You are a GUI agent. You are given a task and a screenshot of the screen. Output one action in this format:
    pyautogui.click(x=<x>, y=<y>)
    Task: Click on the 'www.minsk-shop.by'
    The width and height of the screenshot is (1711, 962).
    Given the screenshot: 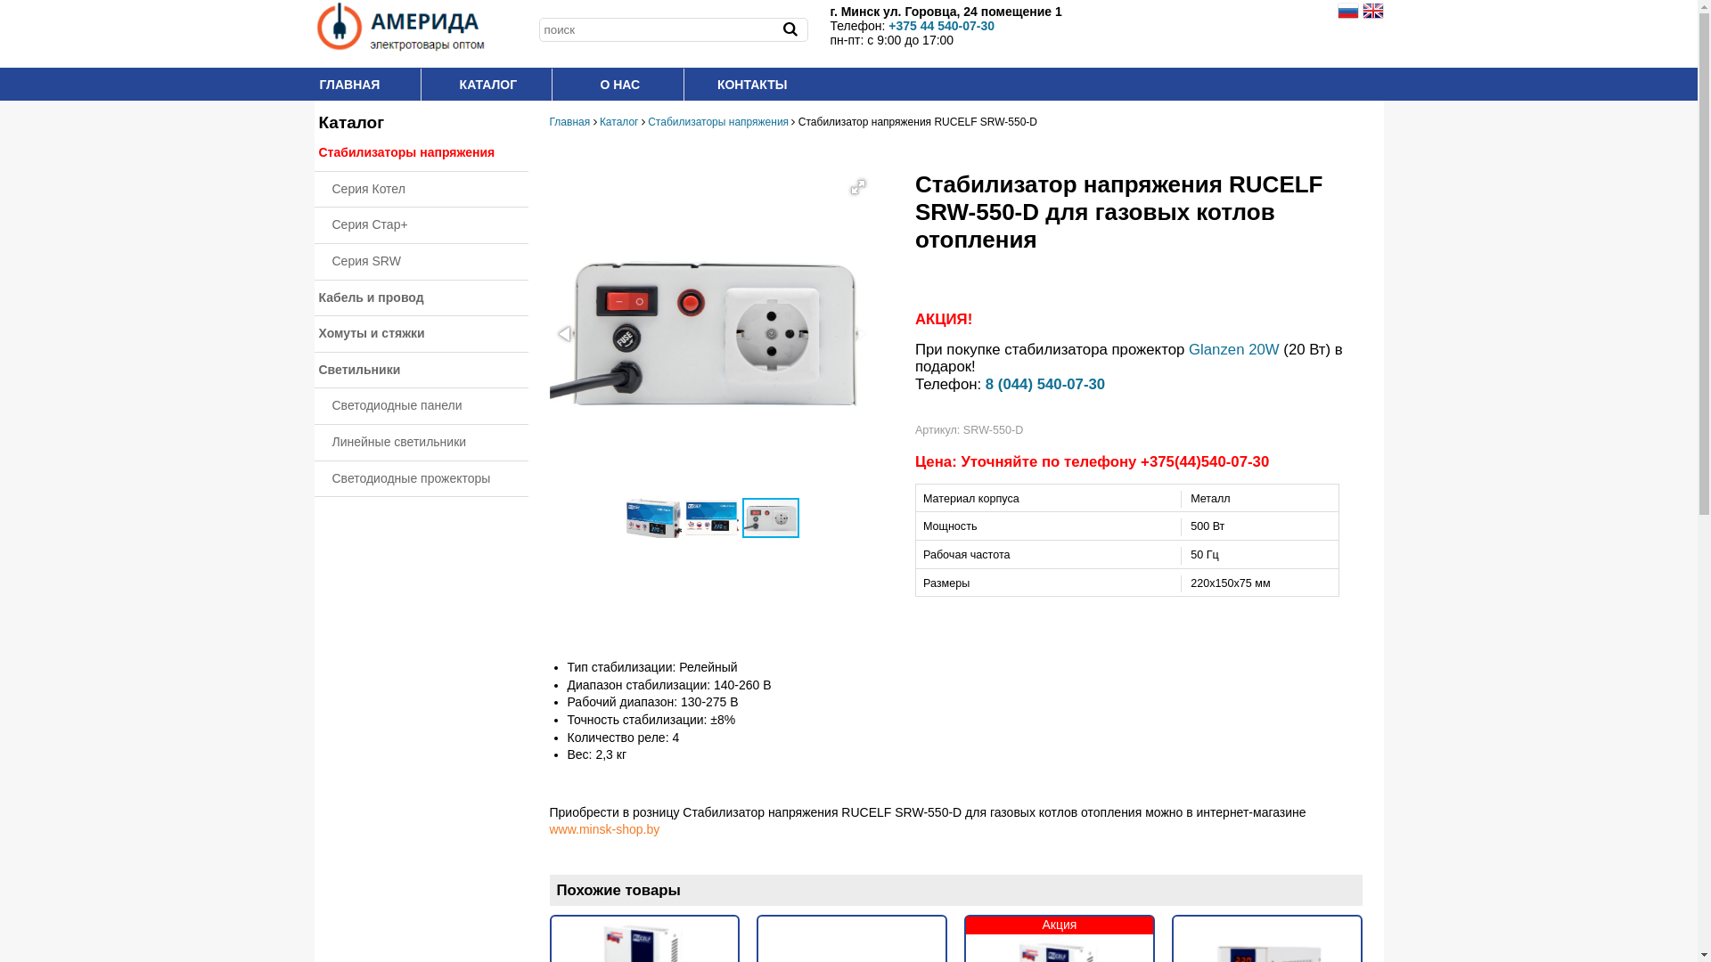 What is the action you would take?
    pyautogui.click(x=603, y=828)
    